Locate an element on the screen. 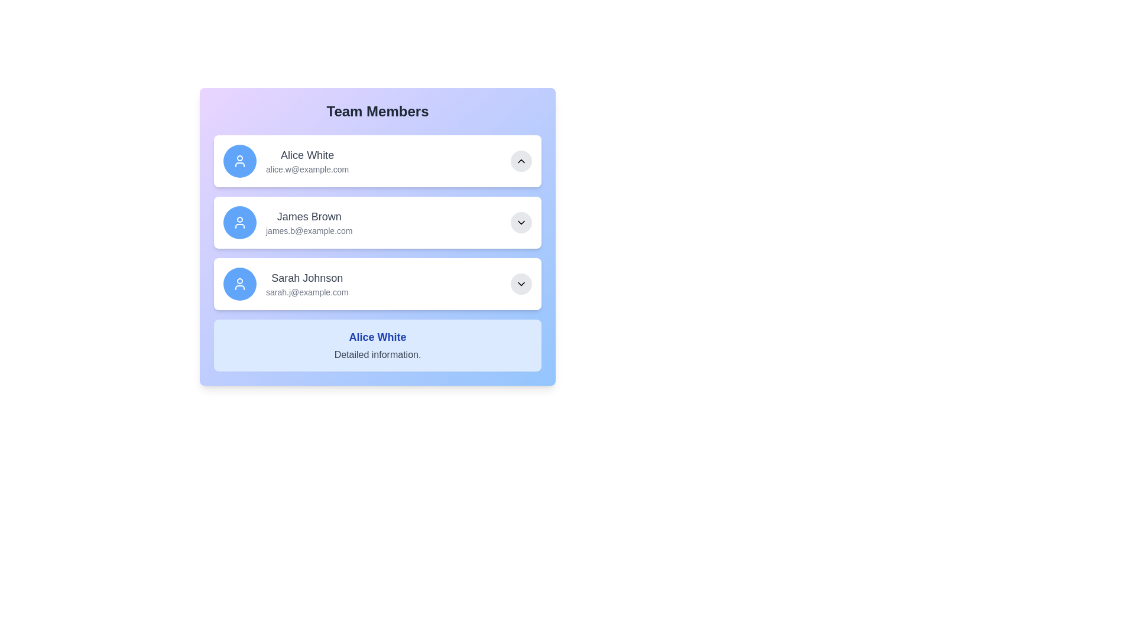  the user avatar icon representing 'James Brown' in the 'Team Members' list, which is styled with a blue background and white strokes is located at coordinates (239, 223).